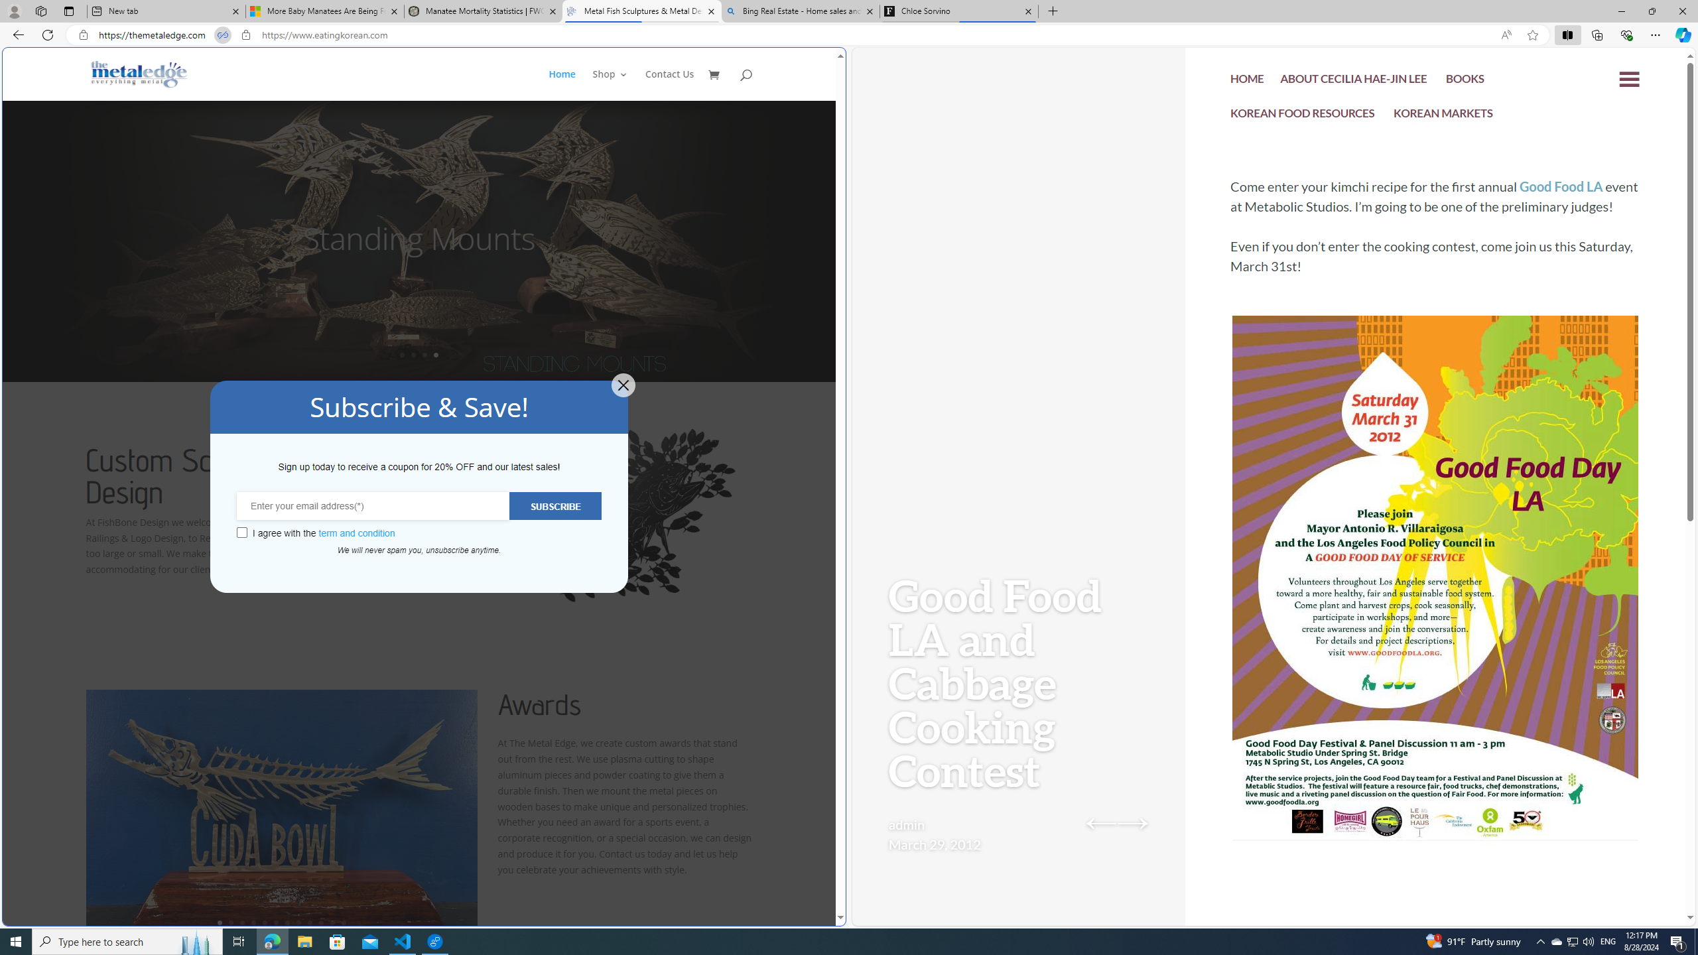  I want to click on 'Tabs in split screen', so click(222, 35).